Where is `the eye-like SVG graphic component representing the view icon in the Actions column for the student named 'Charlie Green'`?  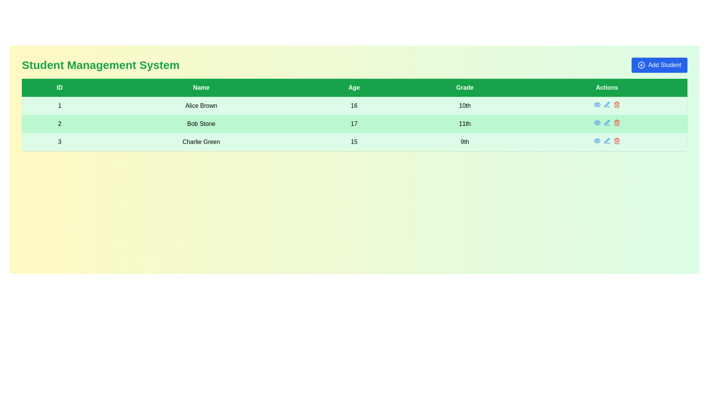
the eye-like SVG graphic component representing the view icon in the Actions column for the student named 'Charlie Green' is located at coordinates (597, 141).